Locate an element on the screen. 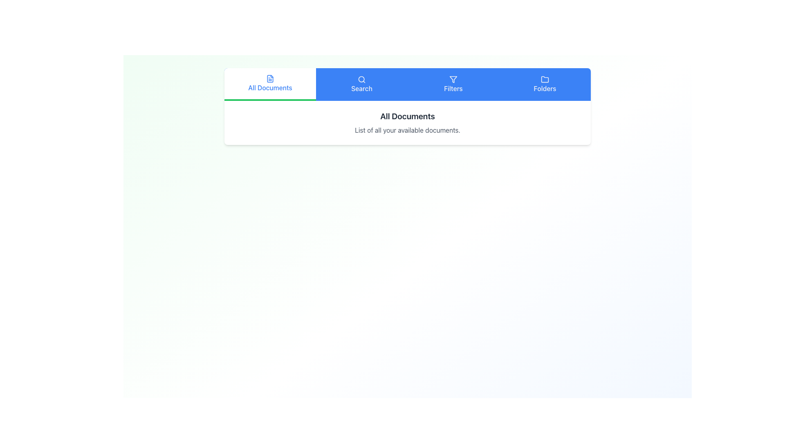 This screenshot has width=785, height=441. the text label that serves as a title for the filtering functionality, positioned in the center of the navigation bar between 'Search' and 'Folders' is located at coordinates (453, 88).